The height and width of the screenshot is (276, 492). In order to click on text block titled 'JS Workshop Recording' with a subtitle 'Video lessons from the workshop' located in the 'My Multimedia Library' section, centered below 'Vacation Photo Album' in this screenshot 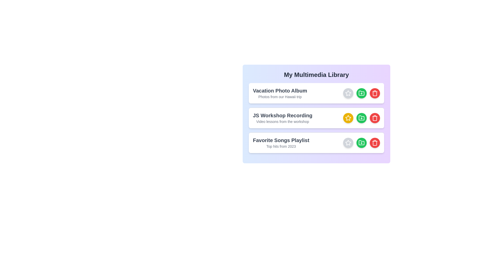, I will do `click(282, 118)`.